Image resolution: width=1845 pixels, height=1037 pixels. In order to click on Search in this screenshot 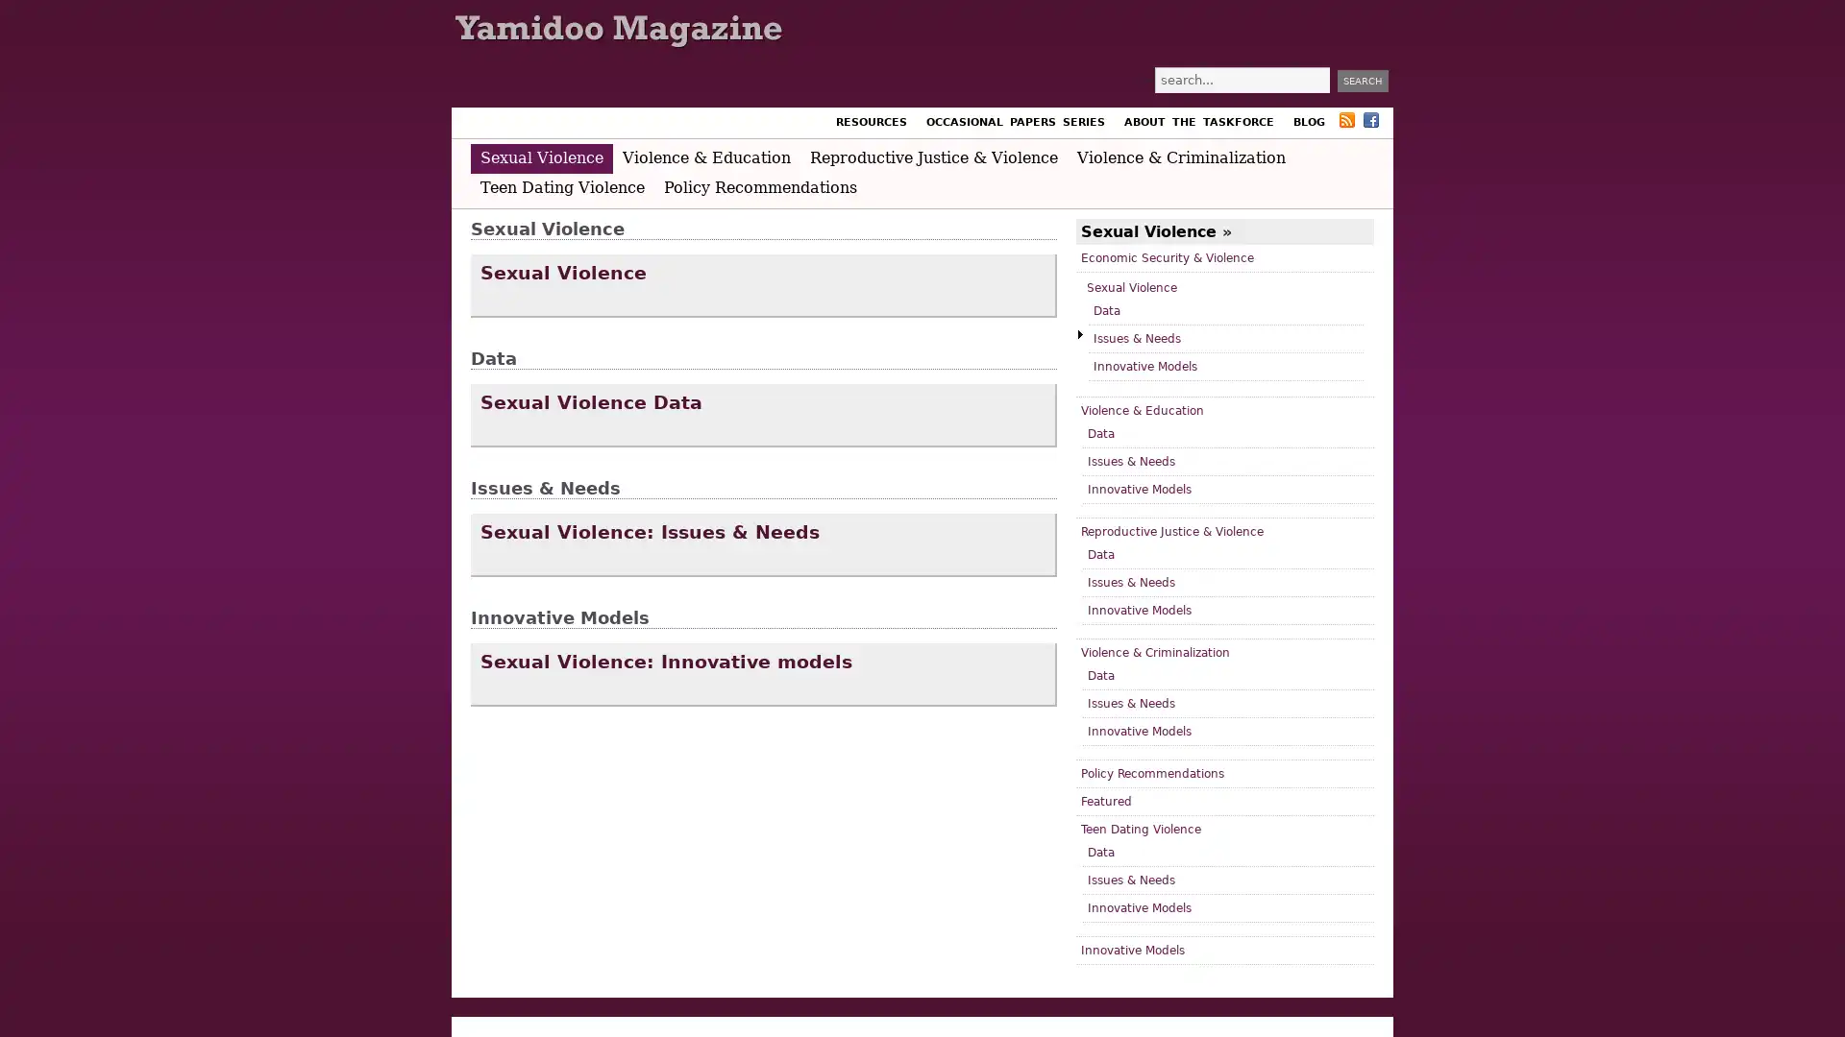, I will do `click(1362, 80)`.